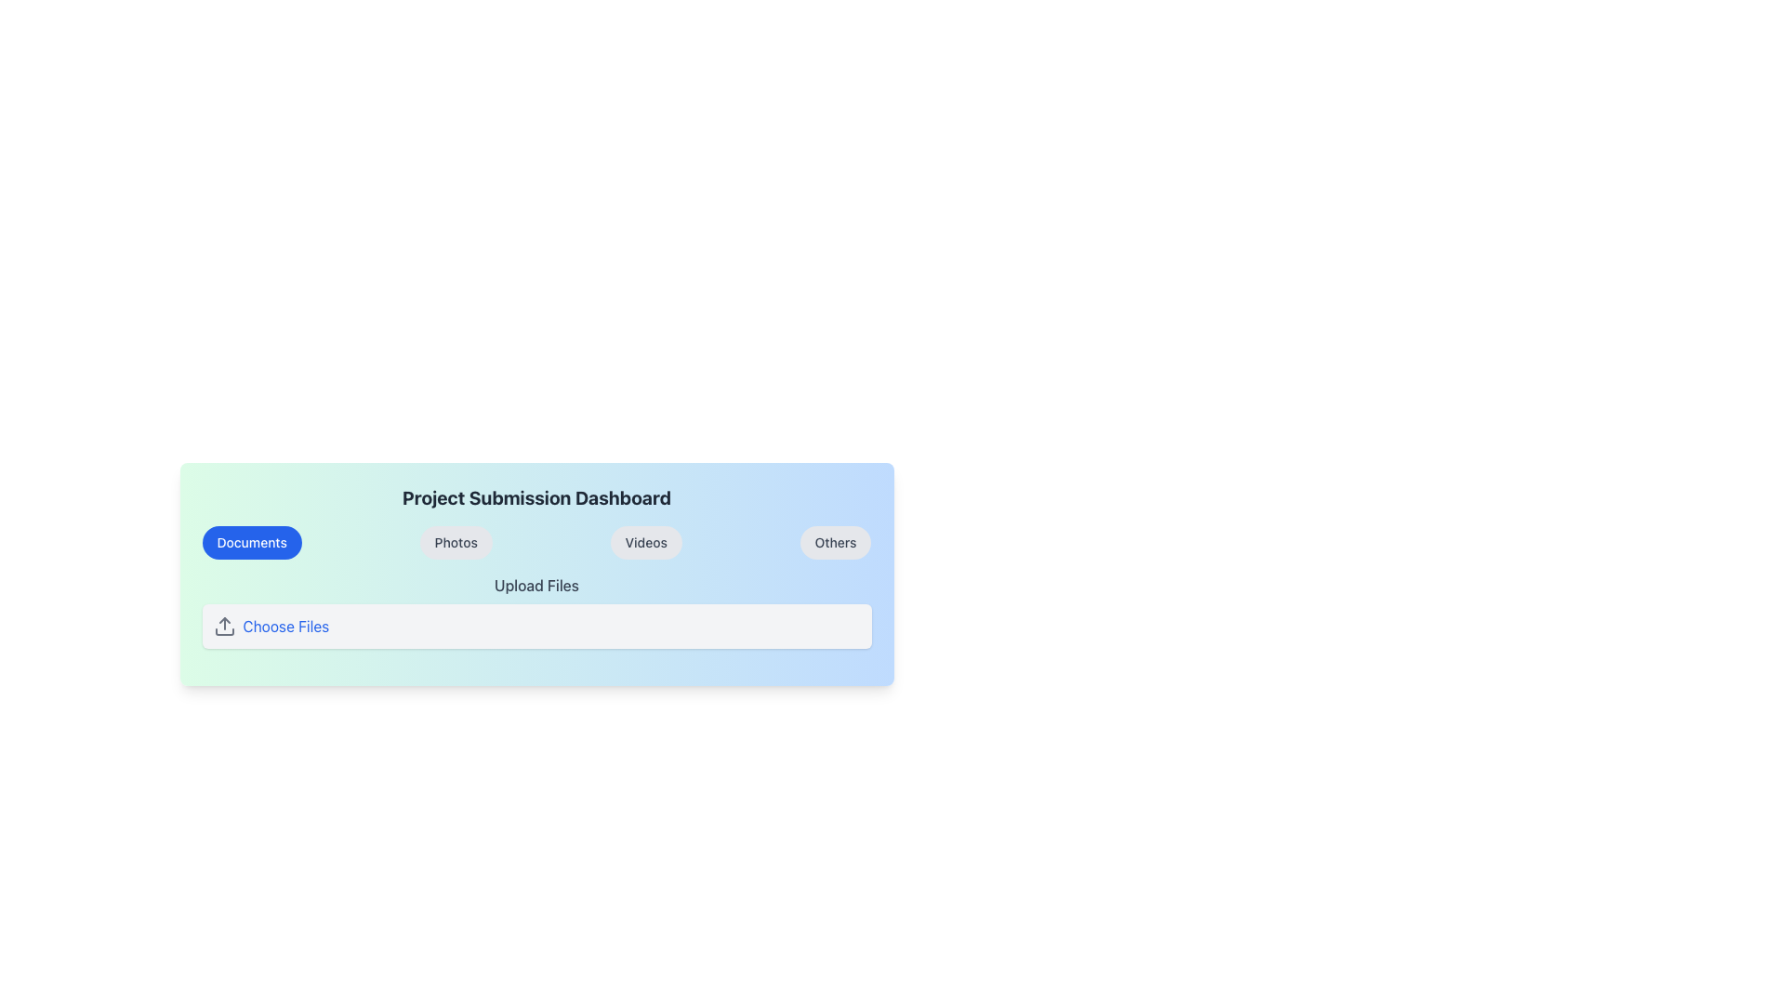 The height and width of the screenshot is (1004, 1785). What do you see at coordinates (456, 542) in the screenshot?
I see `the 'Photos' button in the horizontal navigation bar to change its background color` at bounding box center [456, 542].